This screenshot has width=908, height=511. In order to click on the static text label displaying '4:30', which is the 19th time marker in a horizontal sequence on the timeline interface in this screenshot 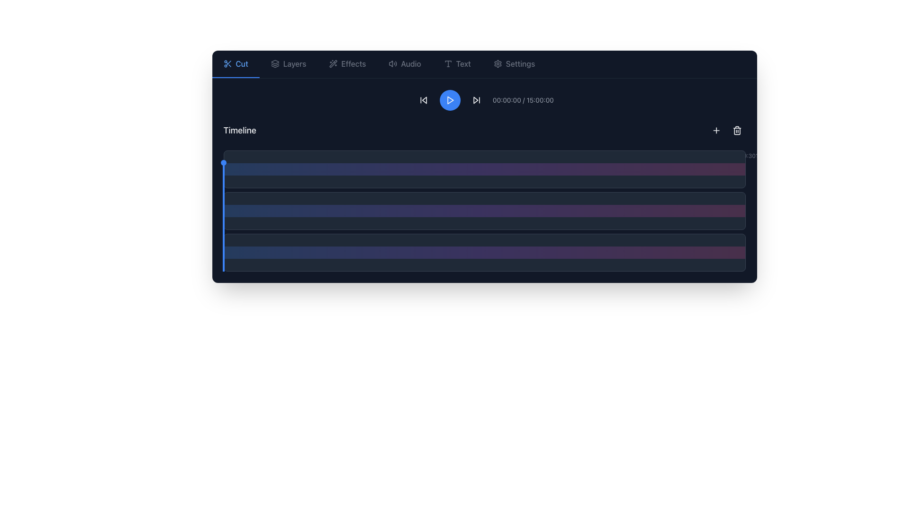, I will do `click(451, 156)`.